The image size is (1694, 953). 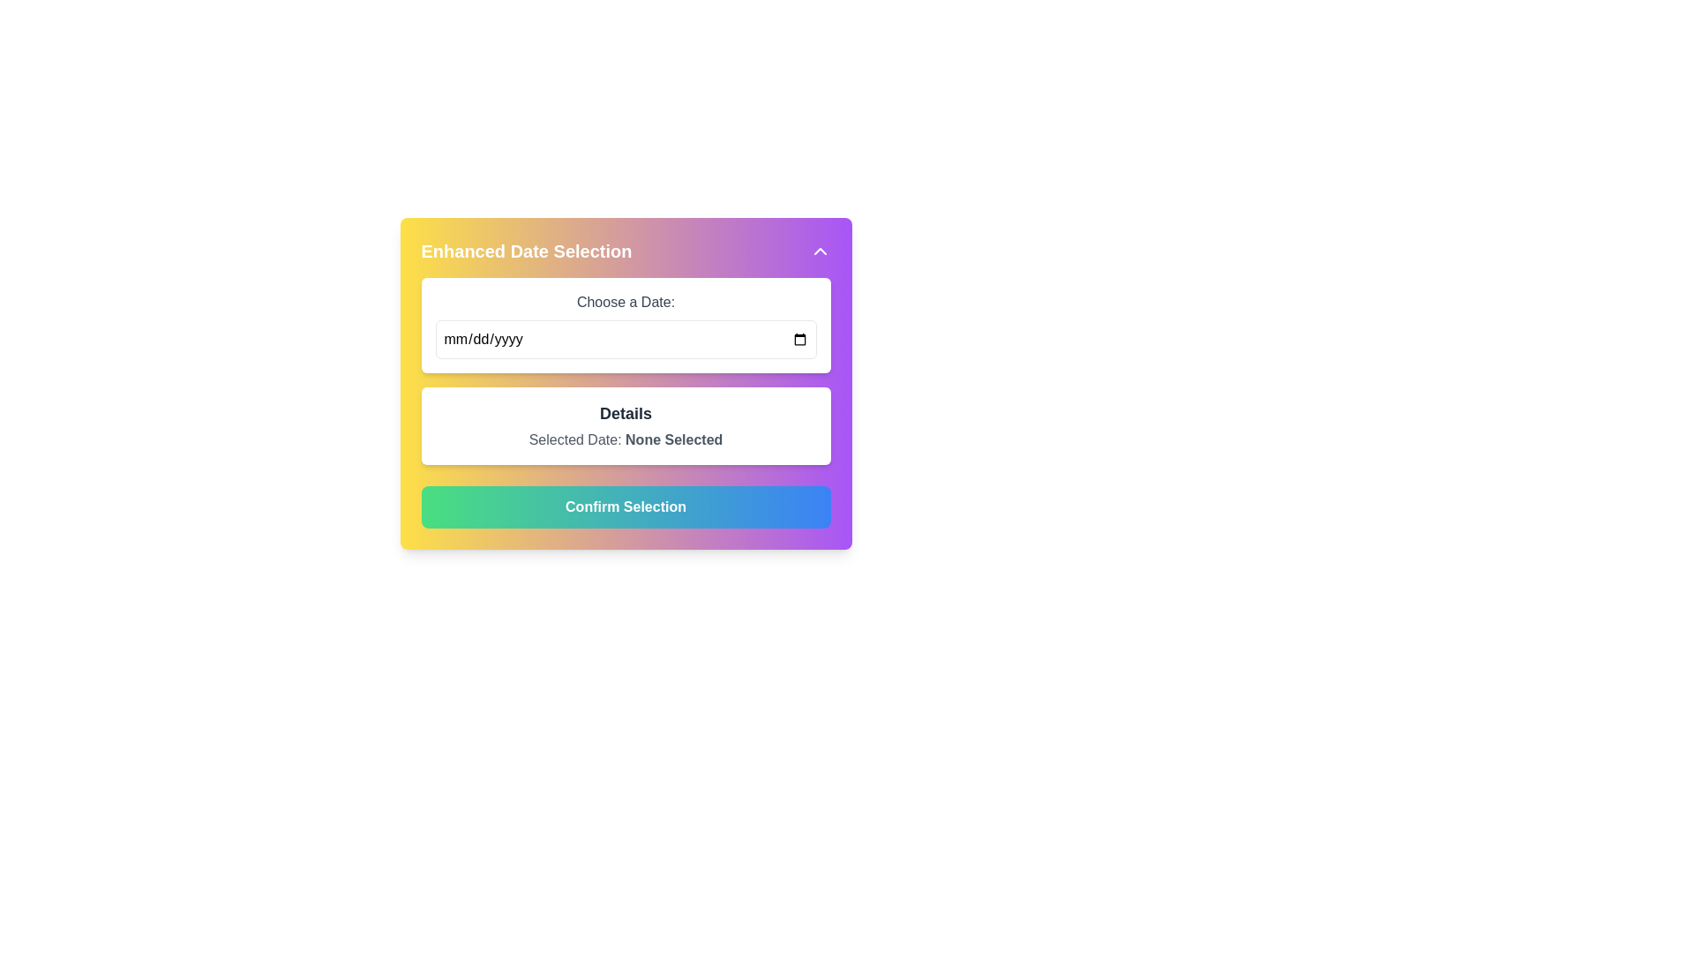 I want to click on the interactive collapse button in the header section to provide visual feedback, so click(x=626, y=251).